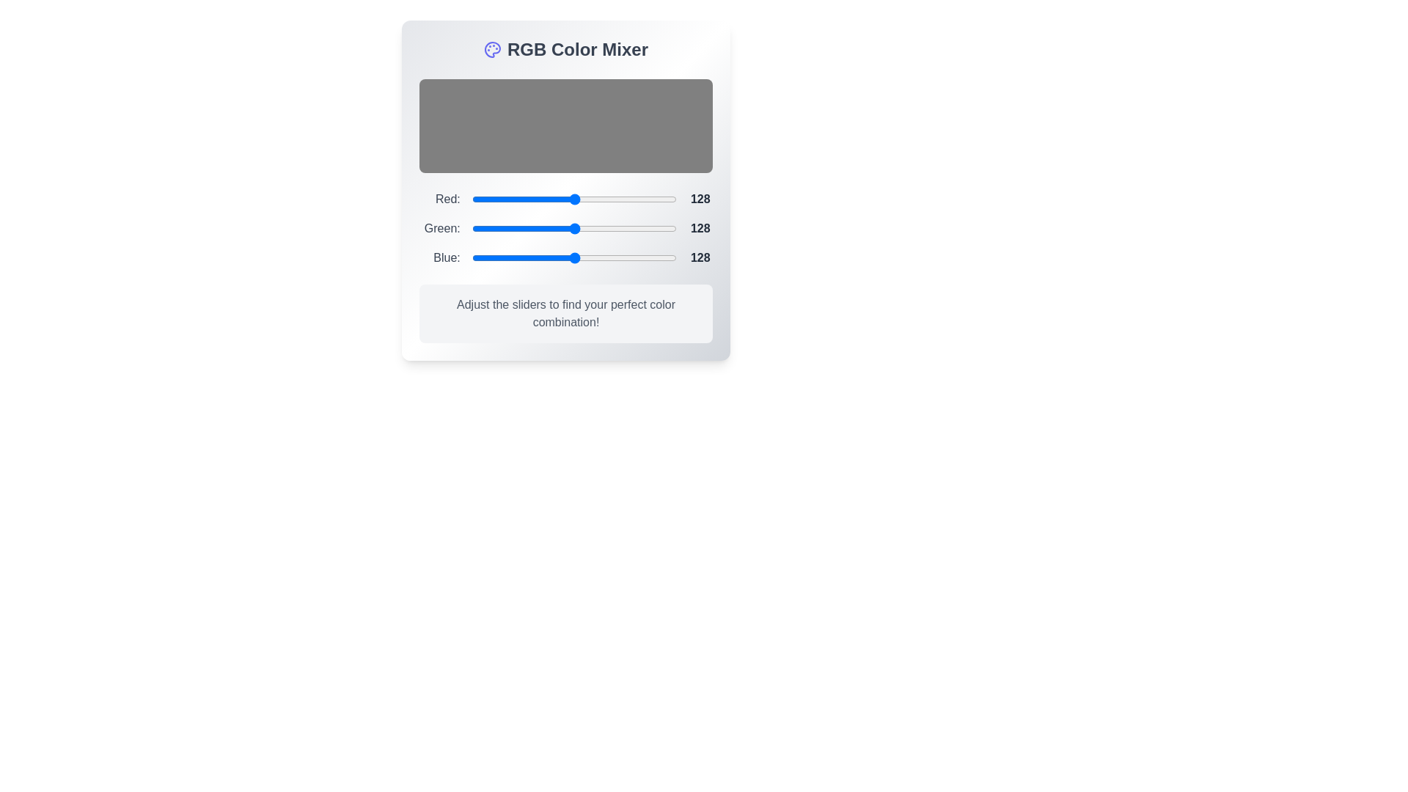  I want to click on the 0 slider to a value of 248, so click(672, 199).